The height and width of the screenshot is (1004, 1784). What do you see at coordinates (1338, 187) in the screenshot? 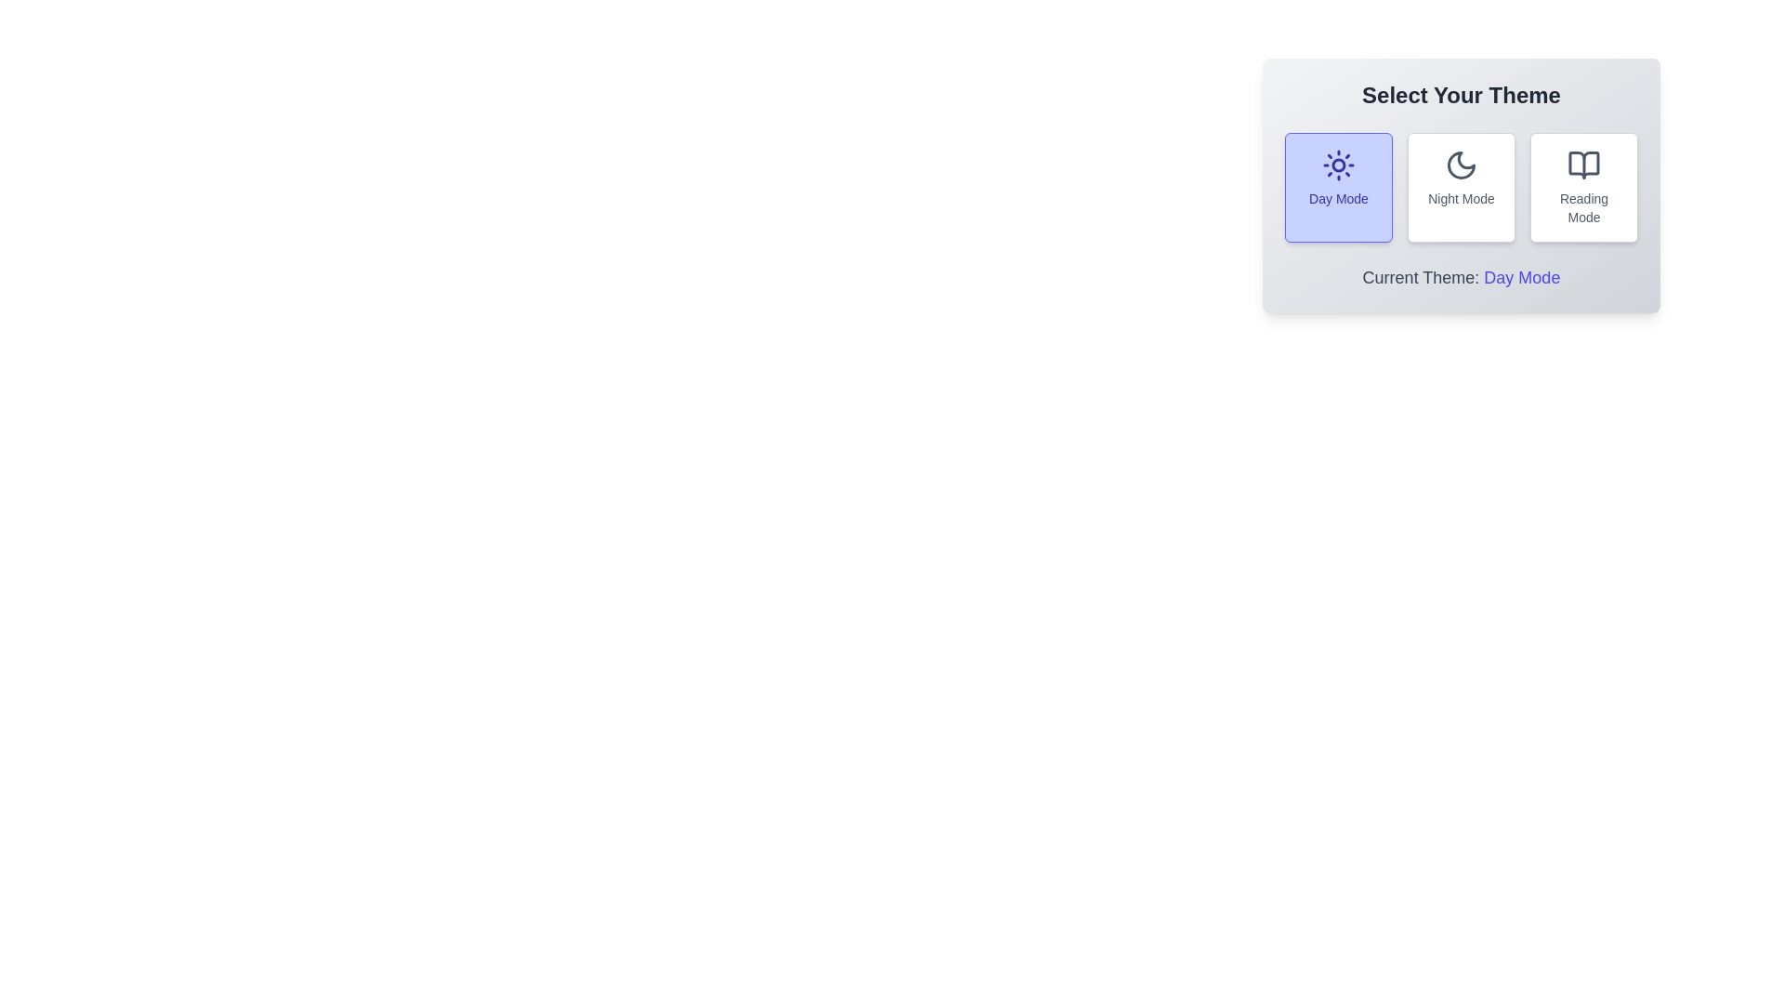
I see `the button corresponding to Day mode` at bounding box center [1338, 187].